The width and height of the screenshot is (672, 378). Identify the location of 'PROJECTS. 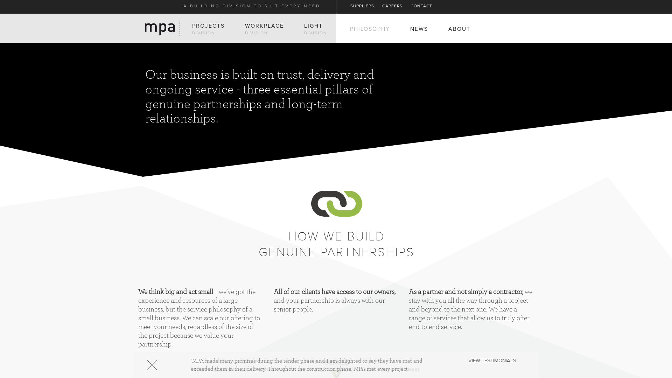
(208, 29).